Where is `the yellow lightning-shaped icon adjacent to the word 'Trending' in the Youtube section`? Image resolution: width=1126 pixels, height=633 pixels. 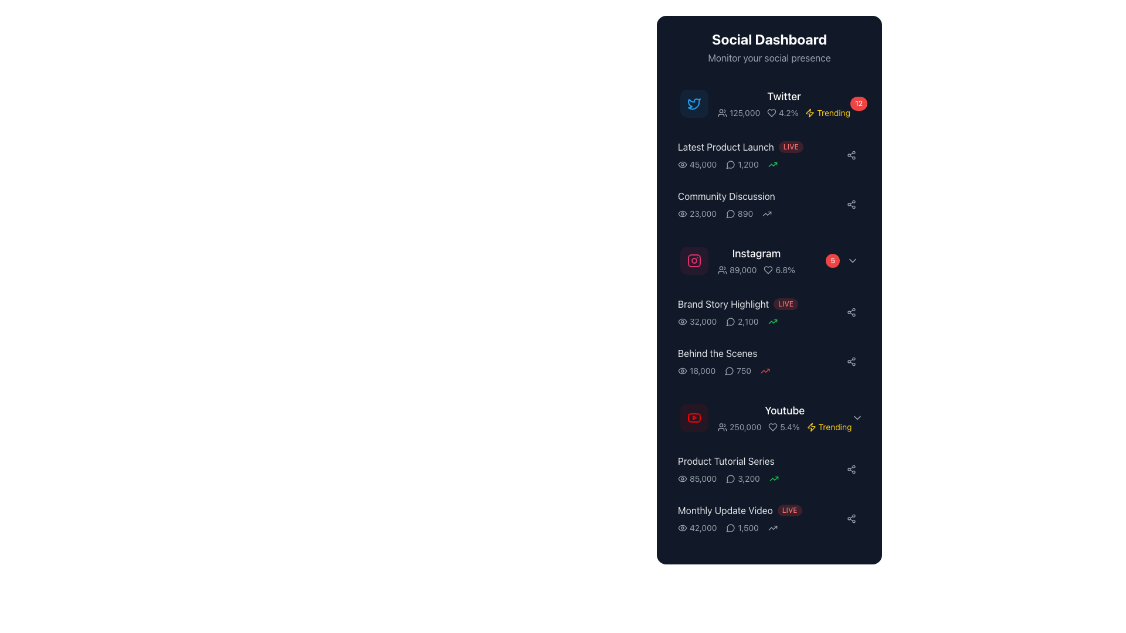
the yellow lightning-shaped icon adjacent to the word 'Trending' in the Youtube section is located at coordinates (810, 427).